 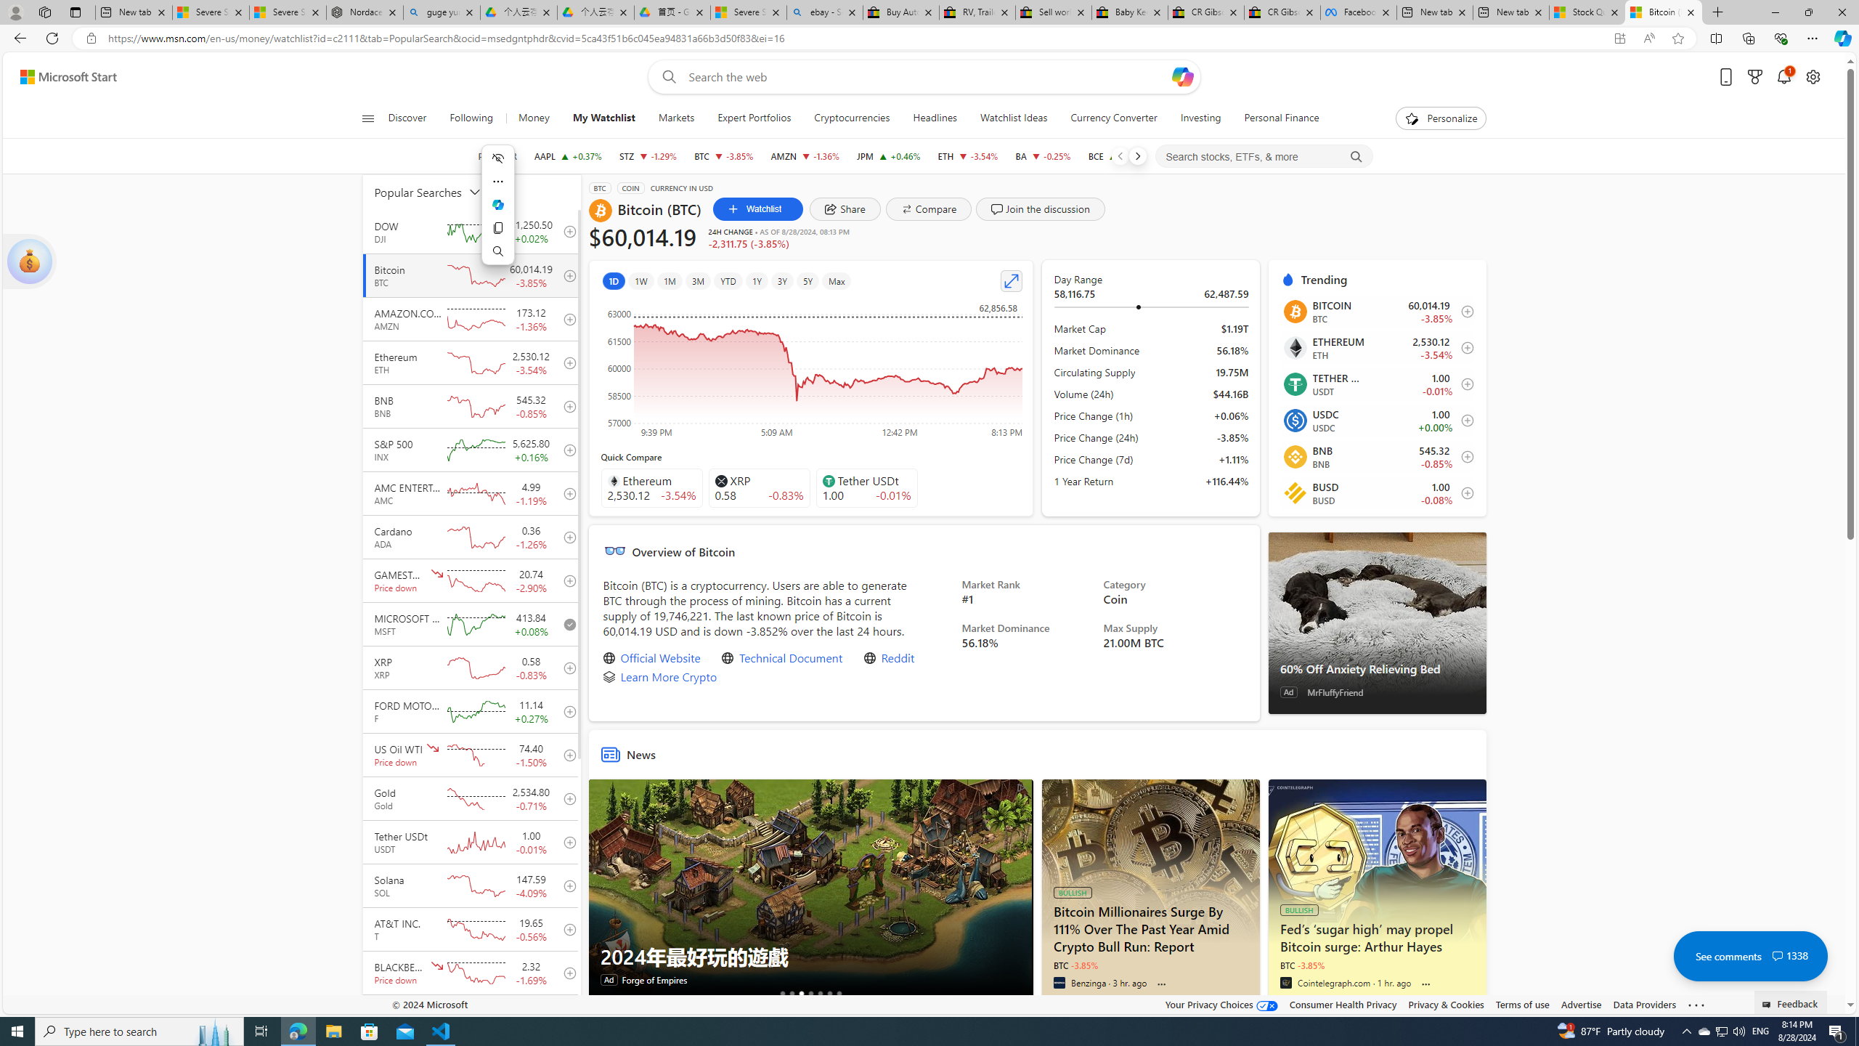 I want to click on 'Max', so click(x=836, y=280).